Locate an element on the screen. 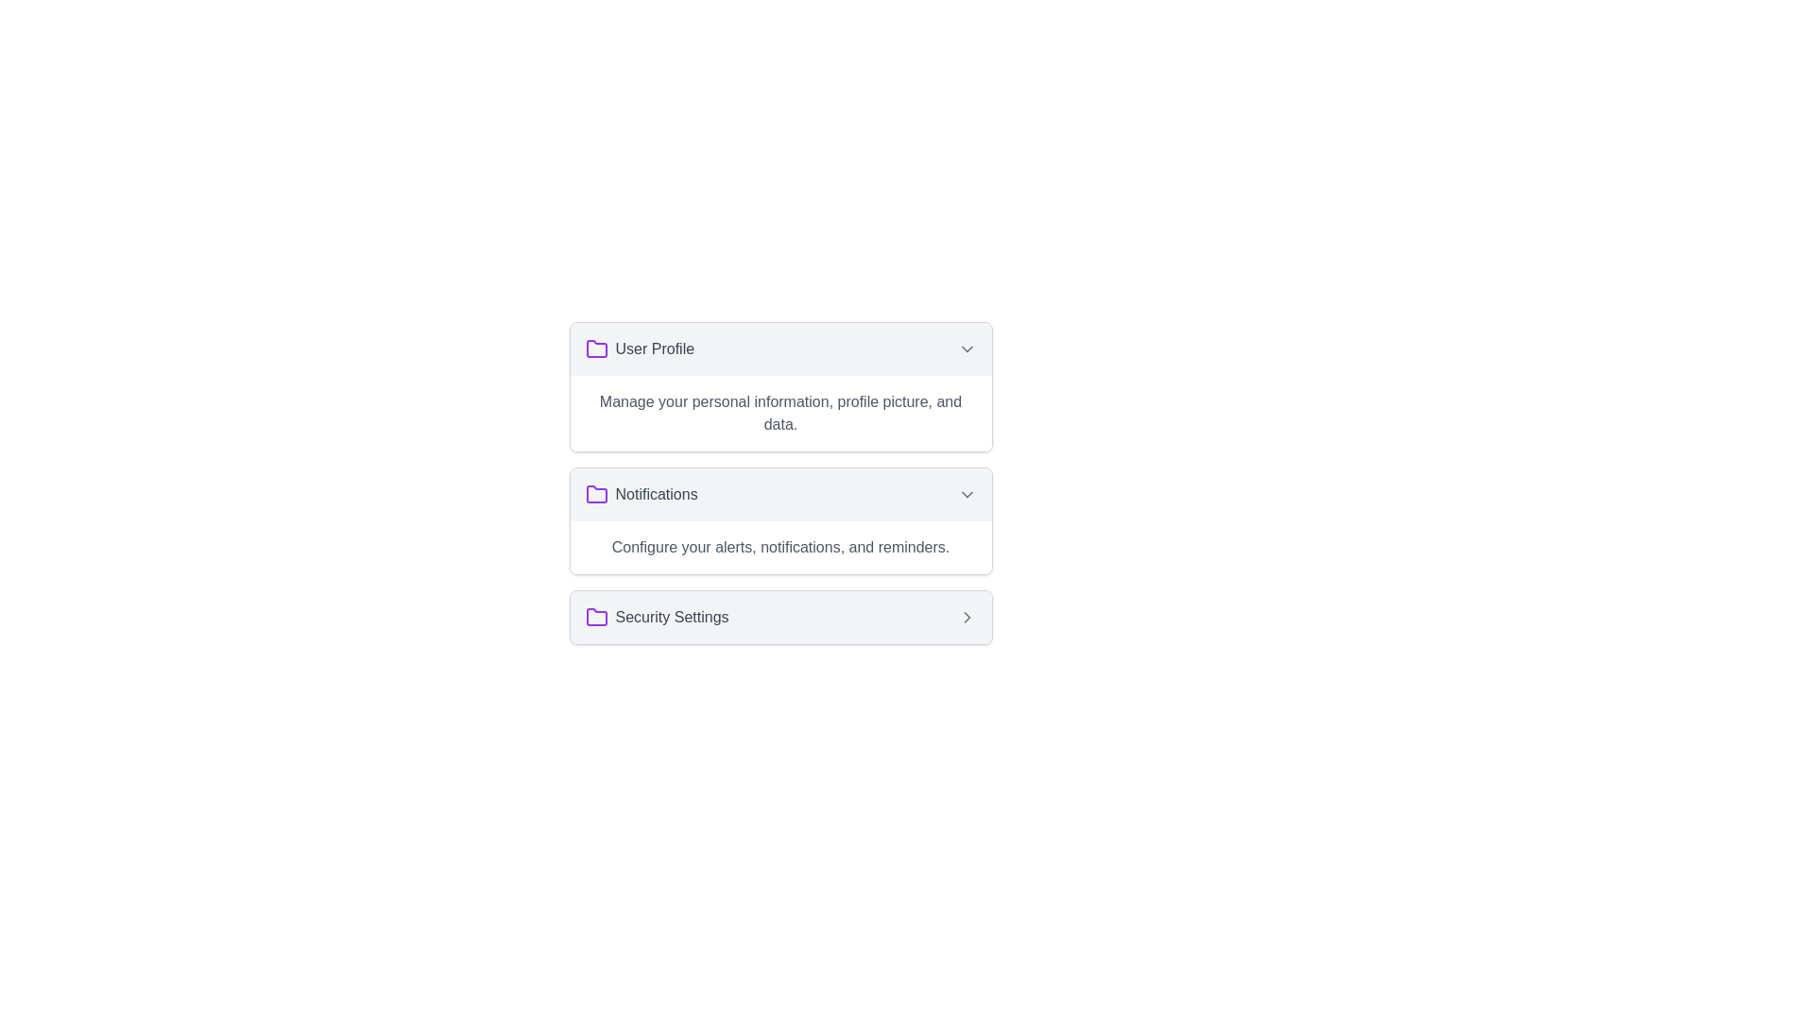 Image resolution: width=1814 pixels, height=1020 pixels. the text block element containing the description 'Manage your personal information, profile picture, and data.' located beneath the title 'User Profile' within the bordered card is located at coordinates (780, 413).